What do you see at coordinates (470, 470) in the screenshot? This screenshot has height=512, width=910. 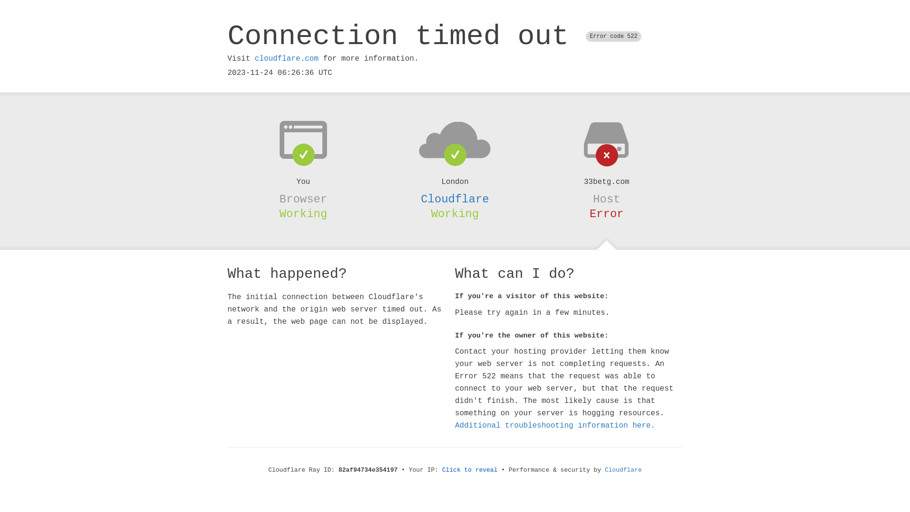 I see `'Click to reveal'` at bounding box center [470, 470].